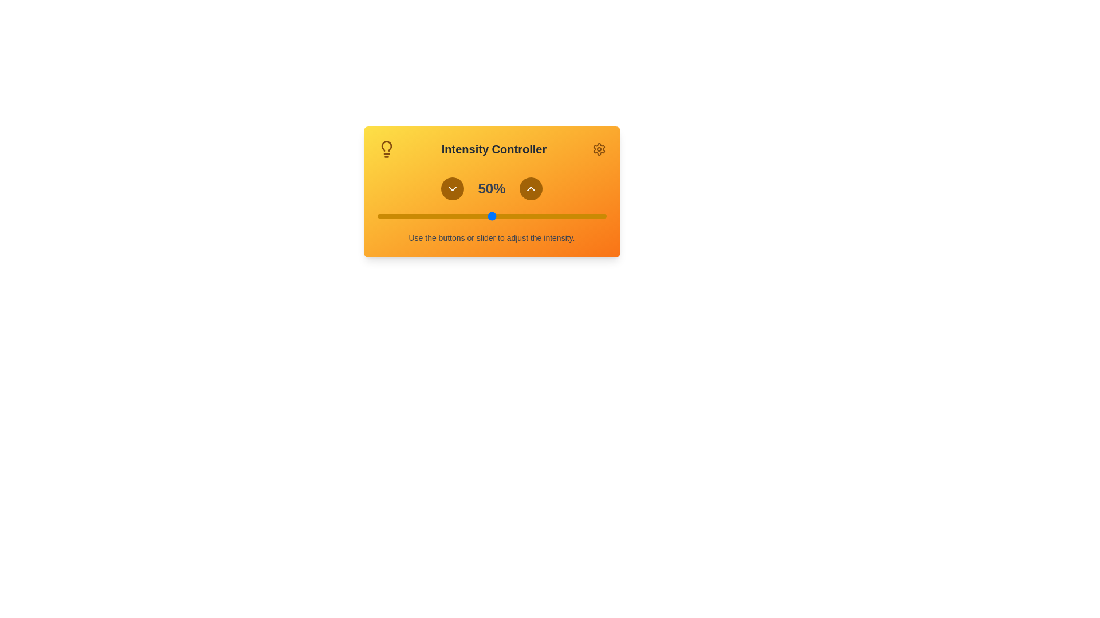 The width and height of the screenshot is (1100, 618). I want to click on the lightbulb icon located at the upper-left corner of the 'Intensity Controller' card, which symbolizes the intensity control feature, so click(386, 149).